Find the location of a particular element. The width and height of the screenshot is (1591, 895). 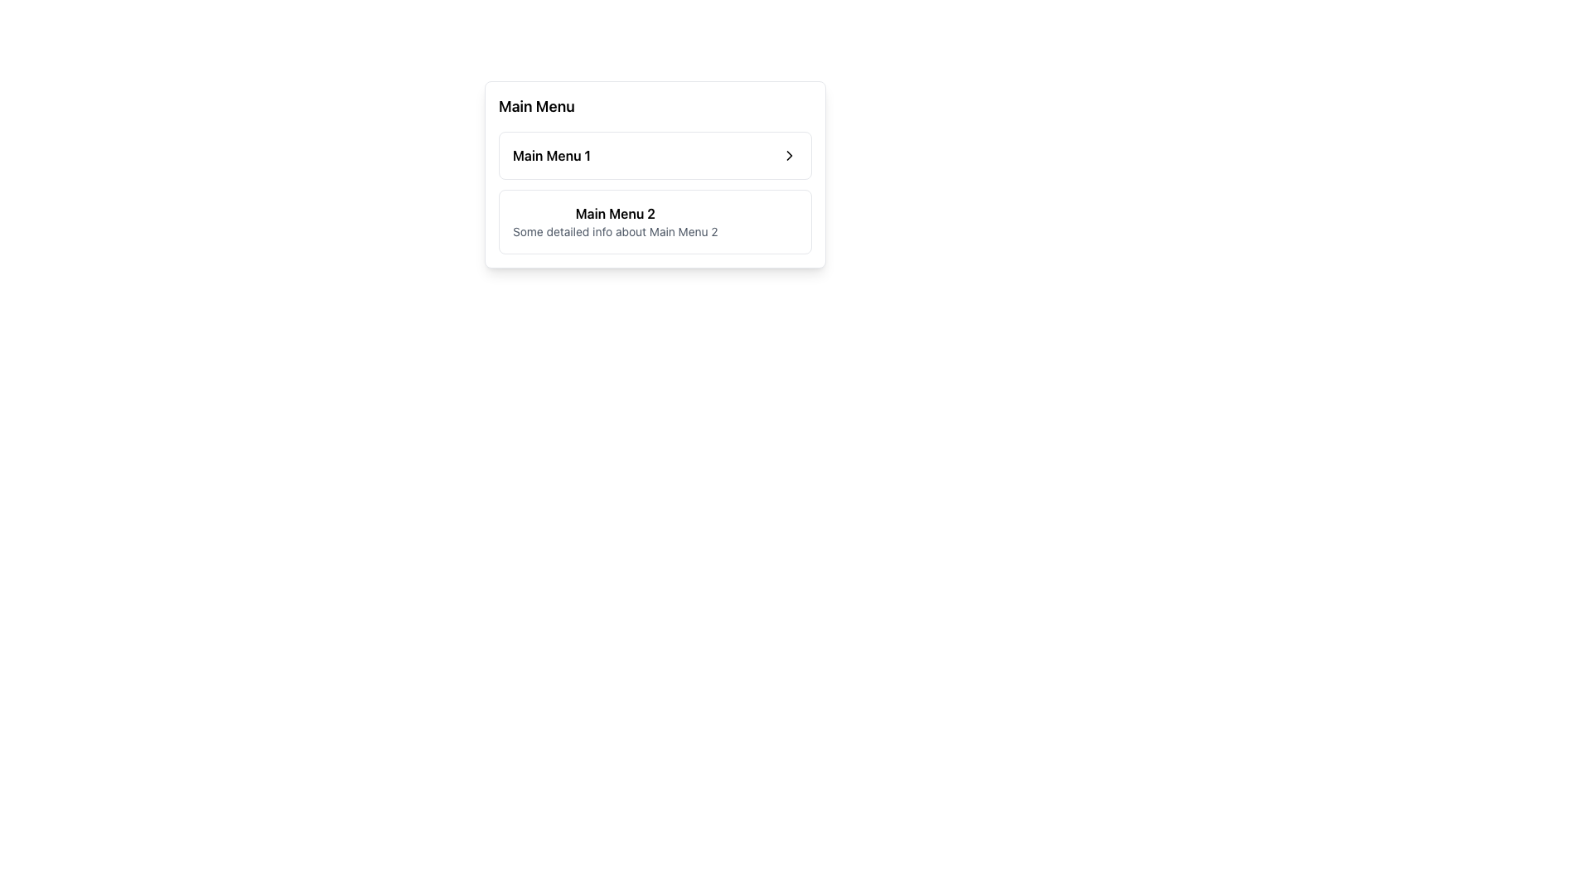

the rightward-pointing chevron icon within the 'Main Menu 1' list item, which is styled in a minimalistic design and has a black stroke color is located at coordinates (789, 156).